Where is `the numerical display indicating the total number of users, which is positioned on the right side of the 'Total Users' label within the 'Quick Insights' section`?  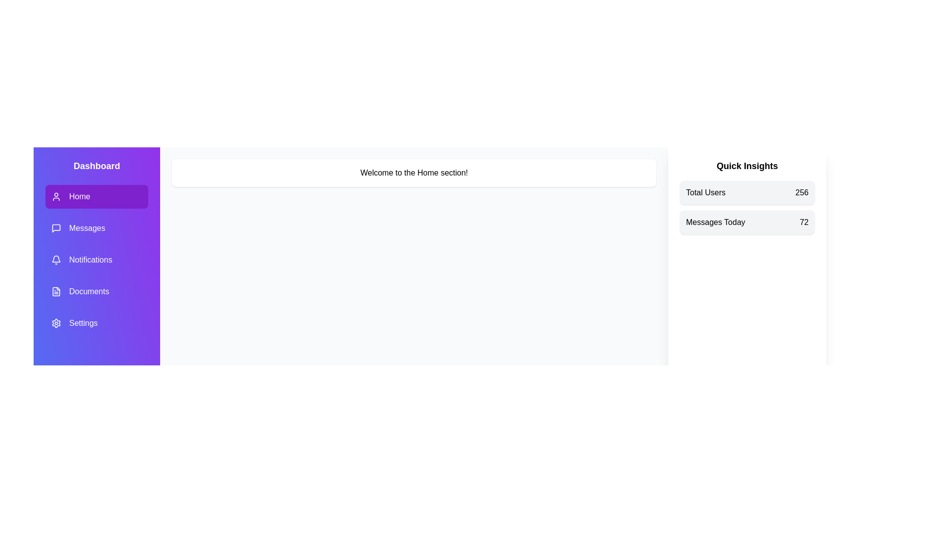 the numerical display indicating the total number of users, which is positioned on the right side of the 'Total Users' label within the 'Quick Insights' section is located at coordinates (802, 192).